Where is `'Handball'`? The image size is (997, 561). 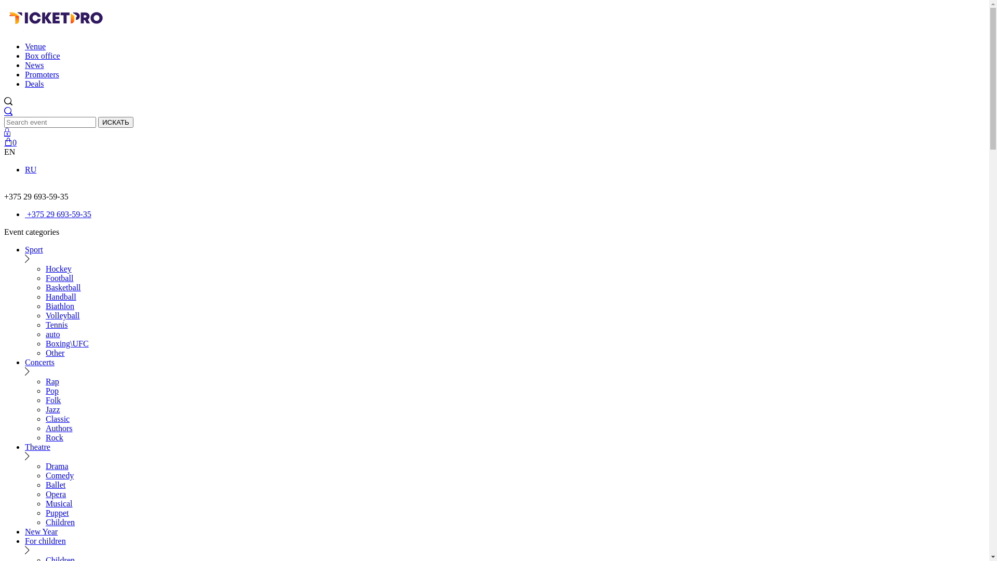 'Handball' is located at coordinates (60, 297).